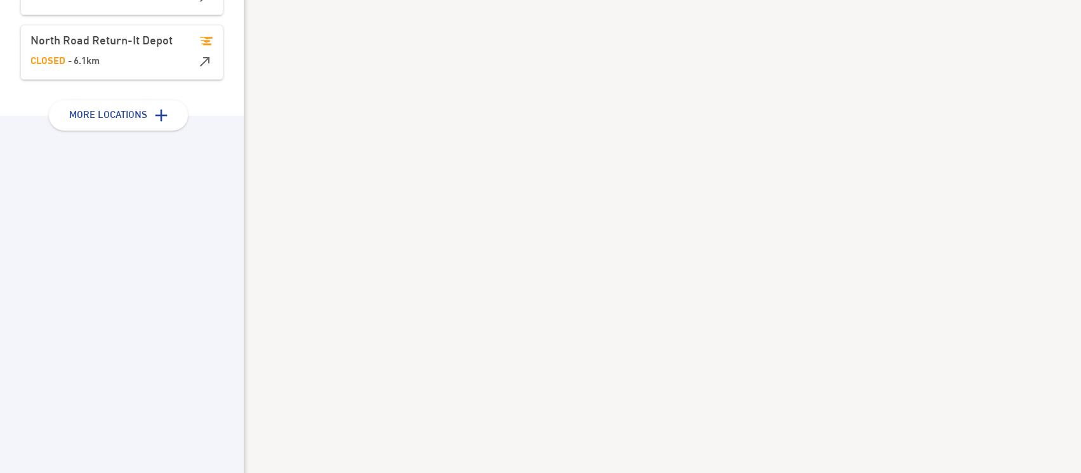 The height and width of the screenshot is (473, 1081). I want to click on 'Liquor Plastic', so click(463, 159).